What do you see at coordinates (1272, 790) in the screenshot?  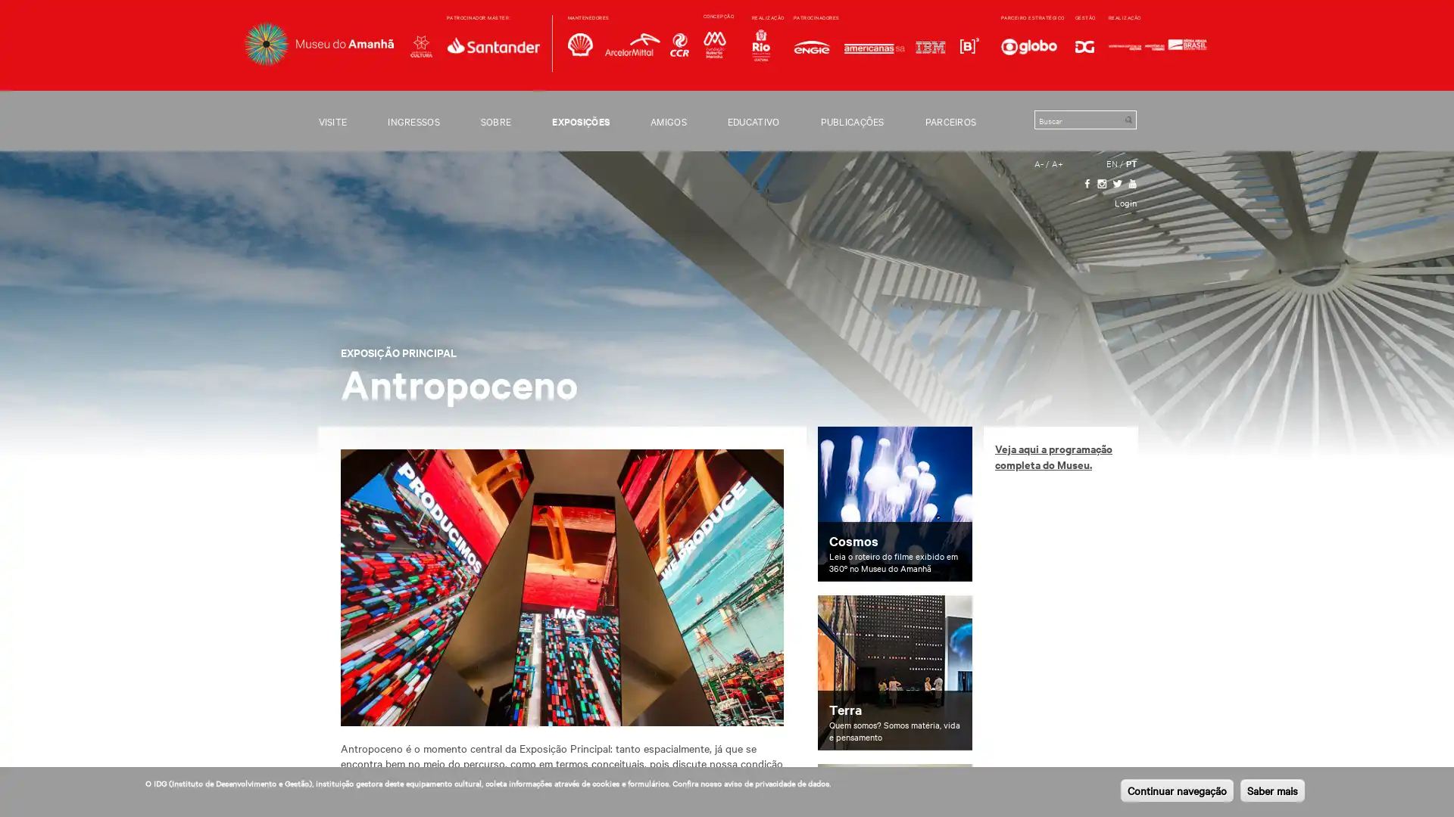 I see `Saber mais` at bounding box center [1272, 790].